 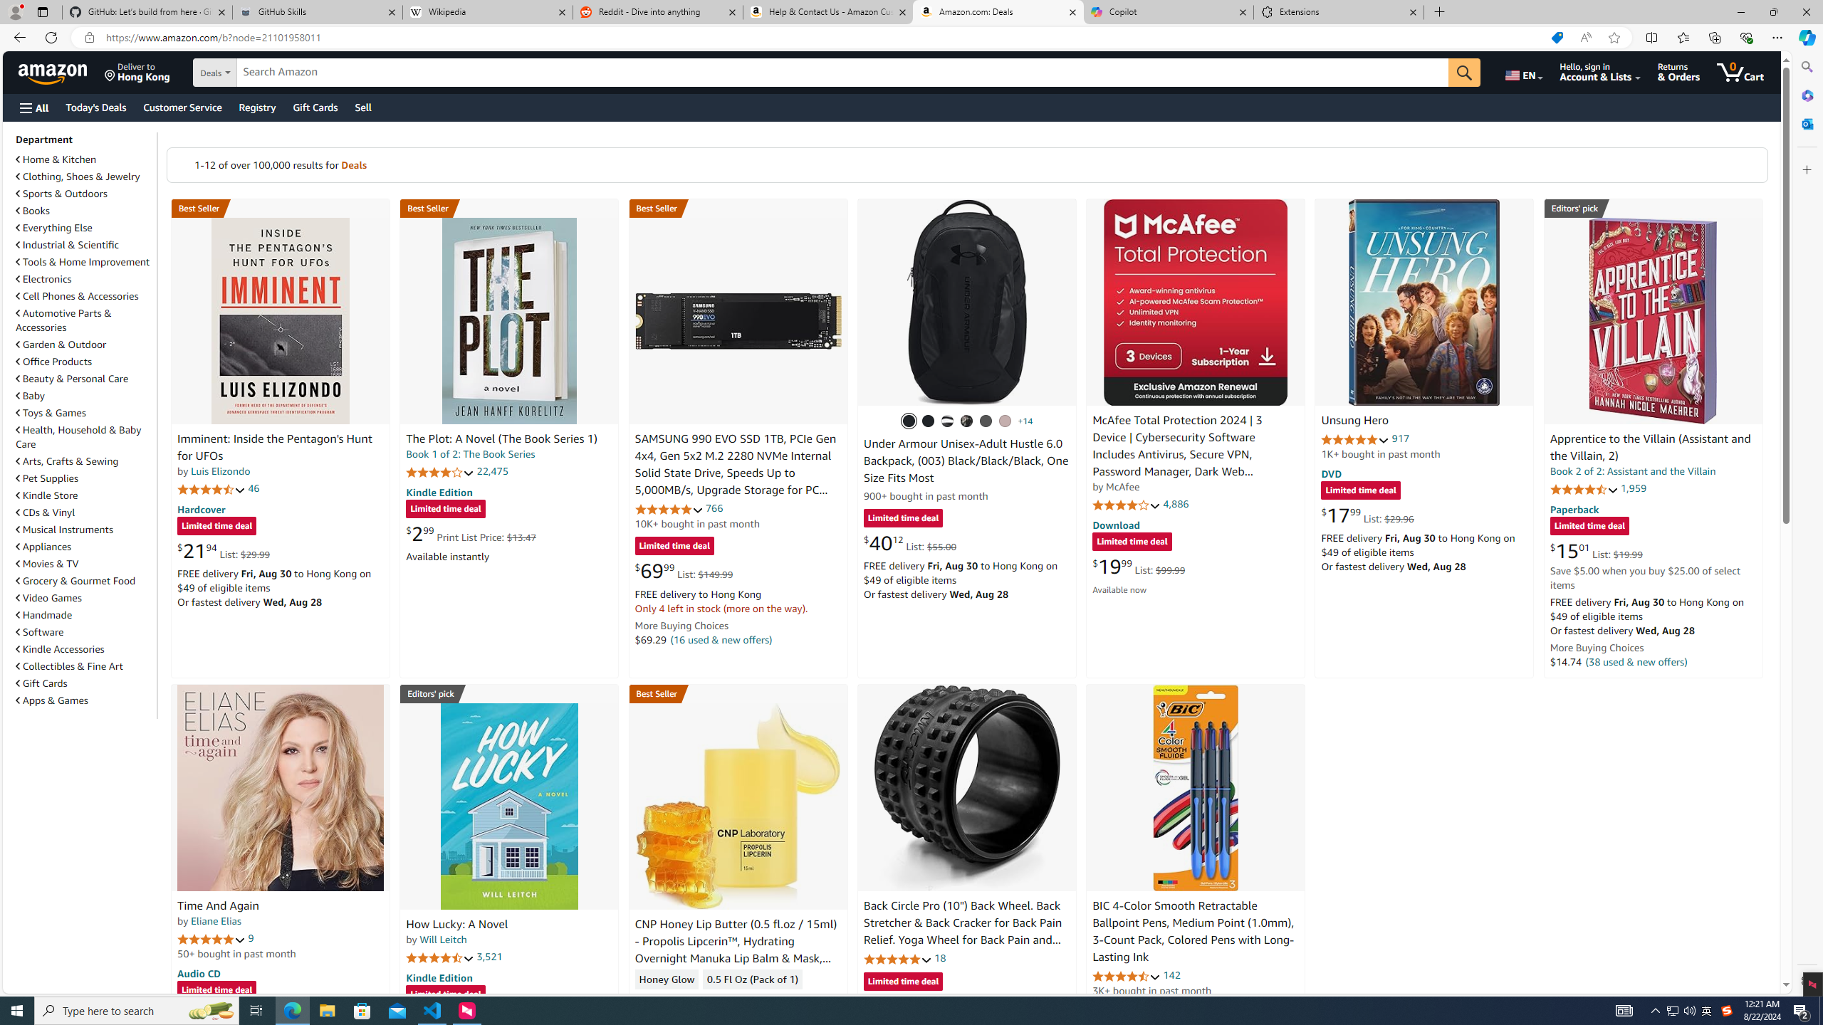 I want to click on 'Industrial & Scientific', so click(x=84, y=245).